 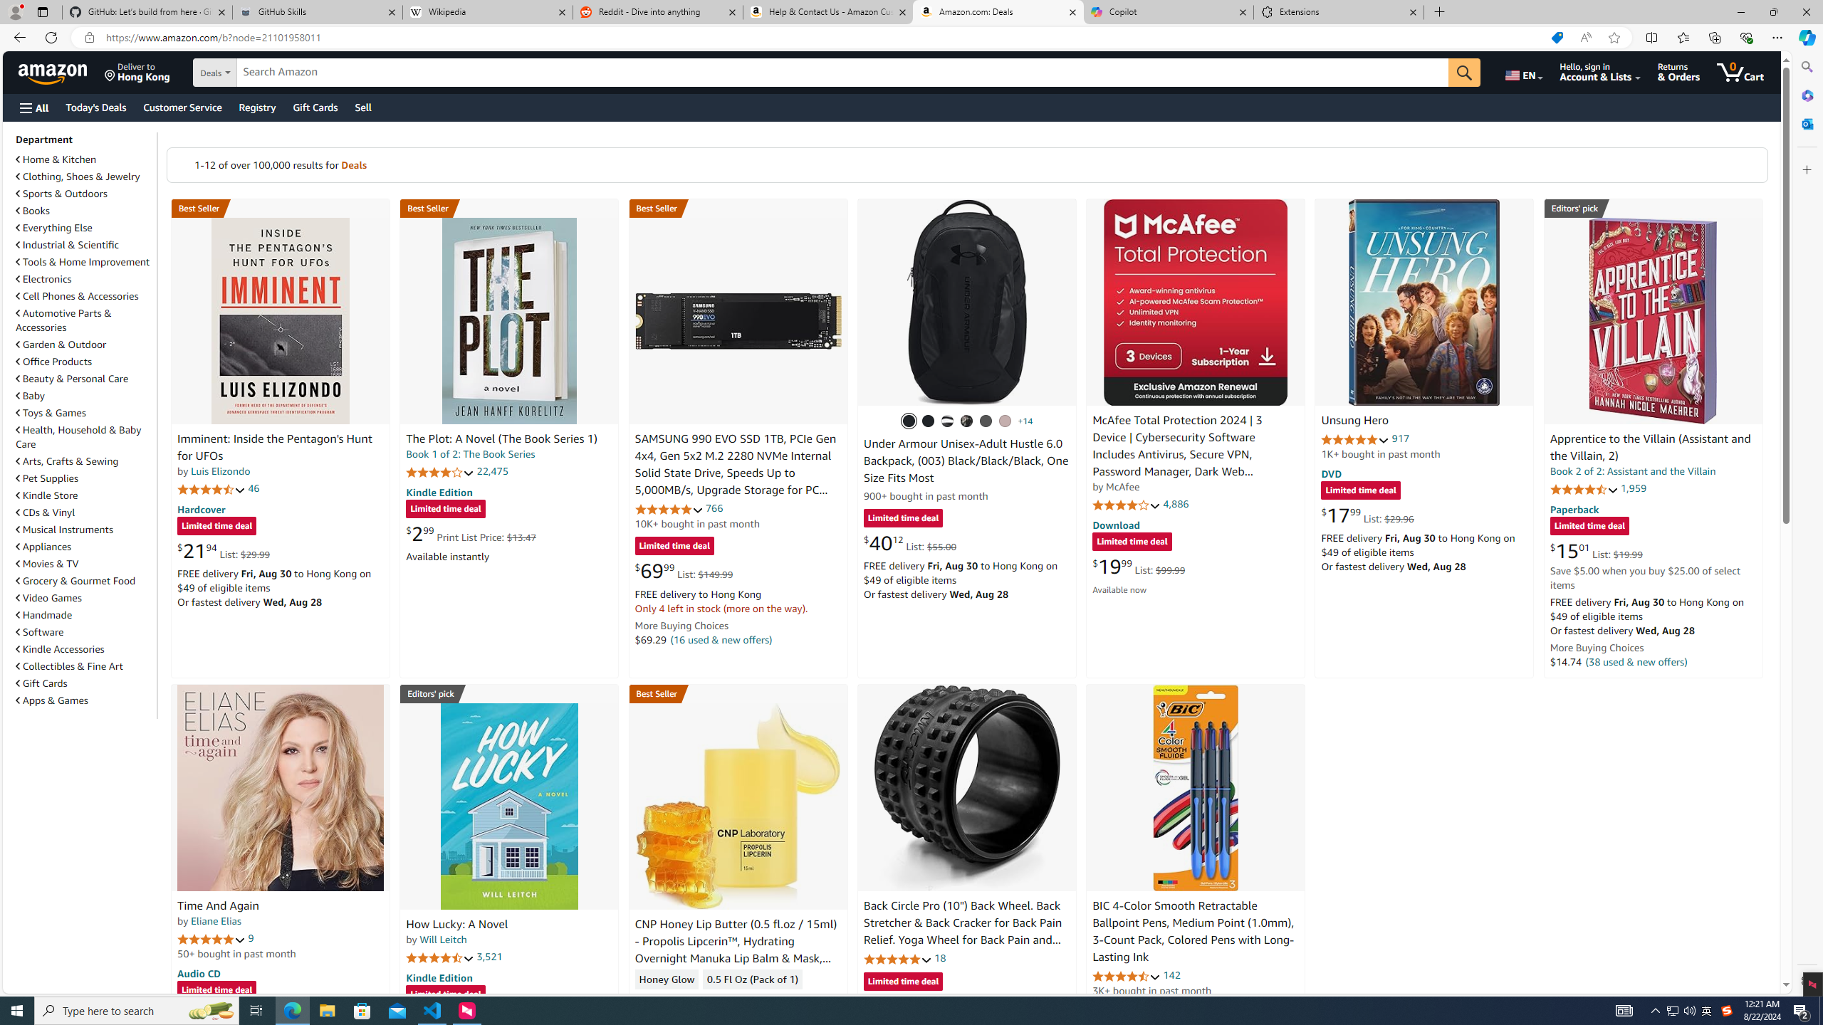 I want to click on 'Industrial & Scientific', so click(x=84, y=245).